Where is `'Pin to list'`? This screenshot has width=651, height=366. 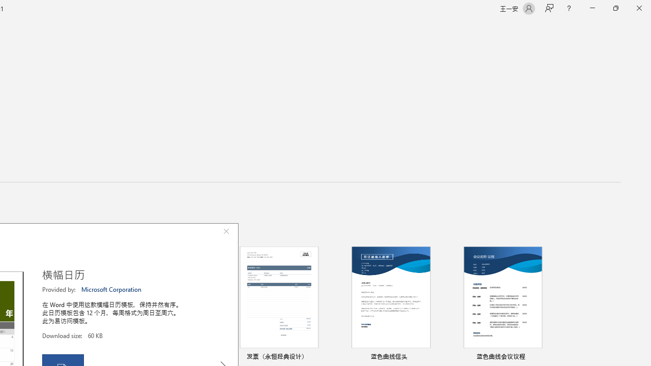
'Pin to list' is located at coordinates (546, 357).